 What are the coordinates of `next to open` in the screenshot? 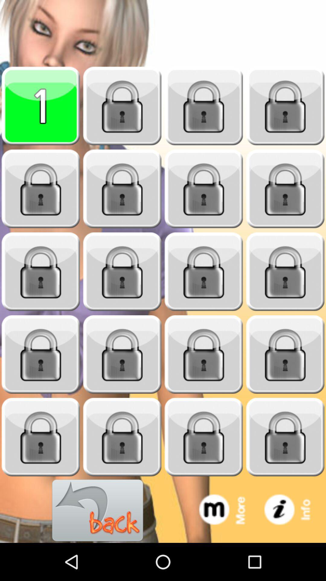 It's located at (285, 189).